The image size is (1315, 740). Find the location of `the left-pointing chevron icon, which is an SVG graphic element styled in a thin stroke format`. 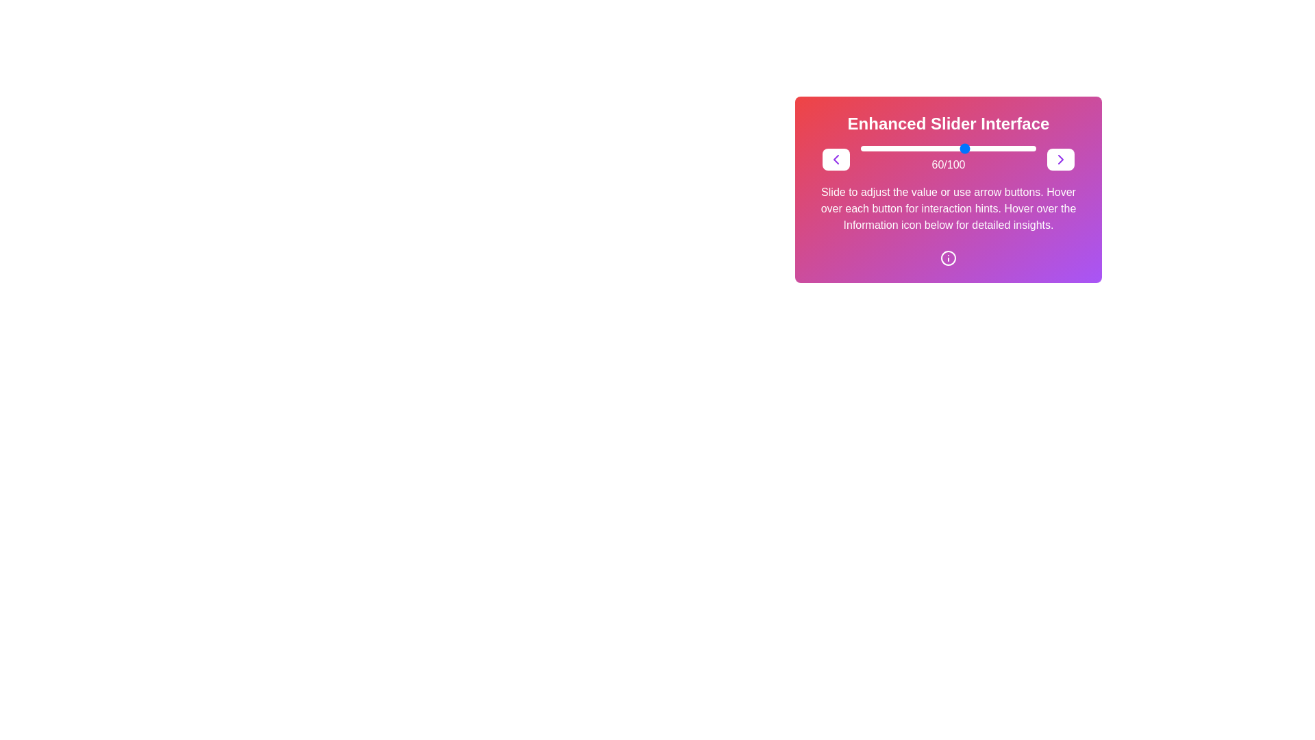

the left-pointing chevron icon, which is an SVG graphic element styled in a thin stroke format is located at coordinates (835, 158).